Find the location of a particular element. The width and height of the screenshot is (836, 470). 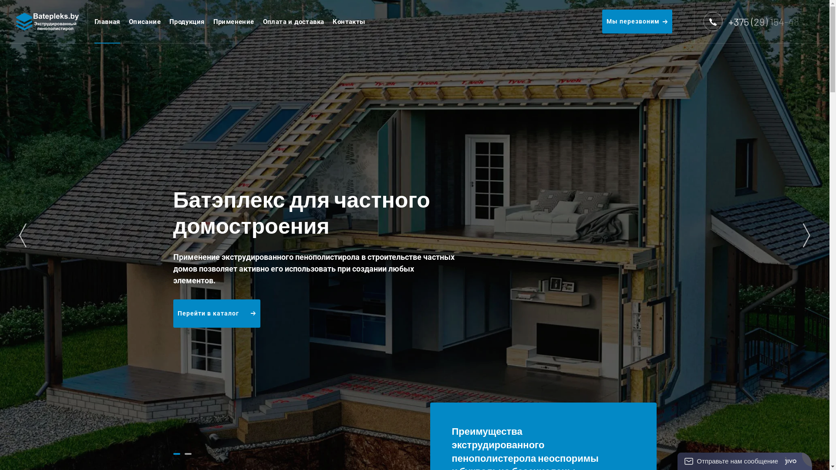

'Next' is located at coordinates (806, 235).